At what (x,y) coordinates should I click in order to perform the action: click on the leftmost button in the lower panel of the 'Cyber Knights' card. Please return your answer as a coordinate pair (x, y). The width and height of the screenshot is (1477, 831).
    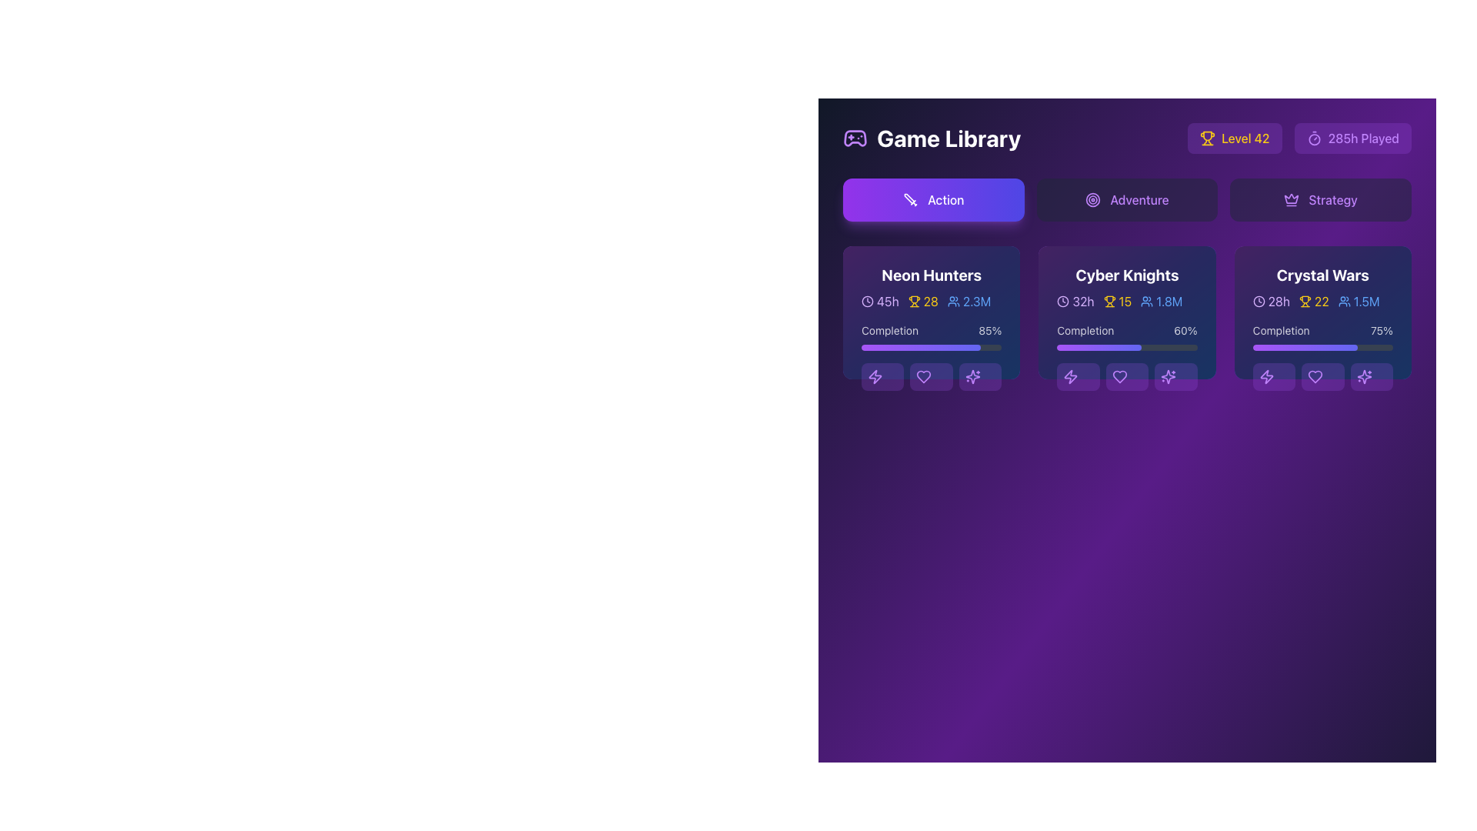
    Looking at the image, I should click on (1070, 376).